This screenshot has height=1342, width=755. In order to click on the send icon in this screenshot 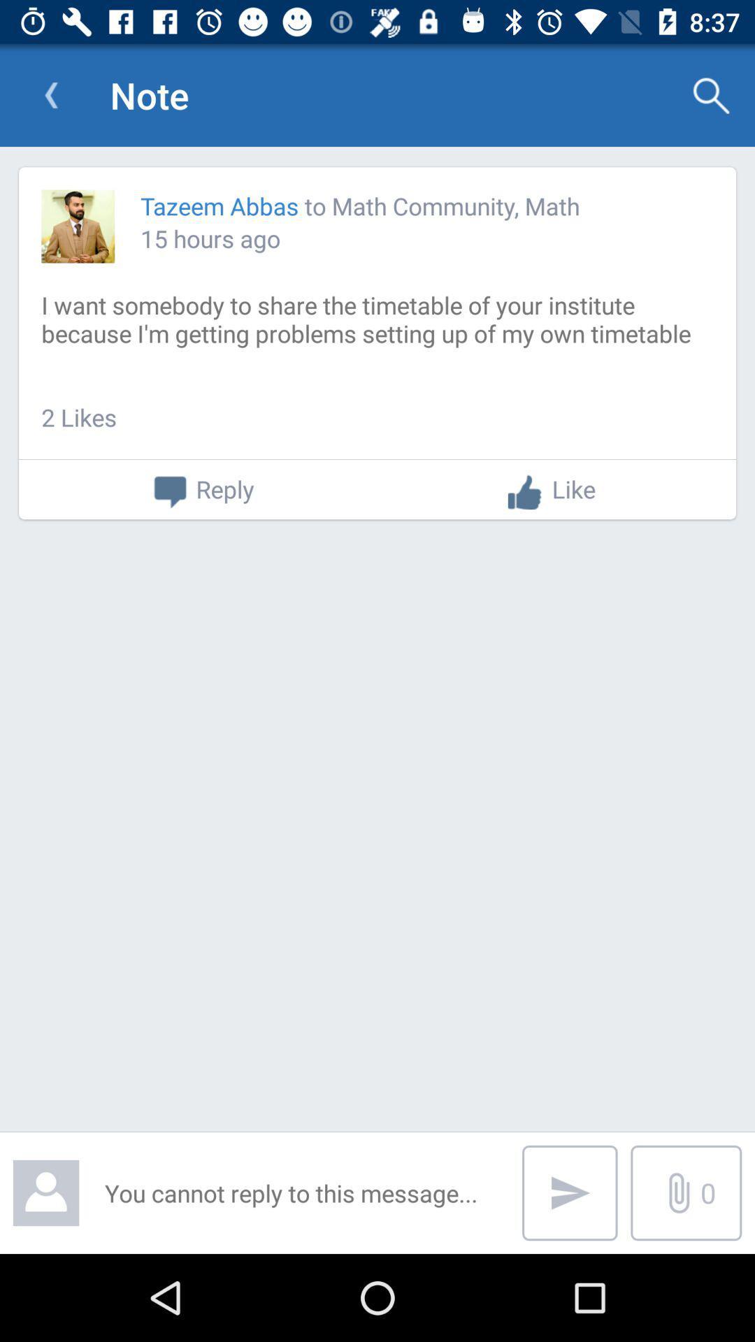, I will do `click(570, 1192)`.